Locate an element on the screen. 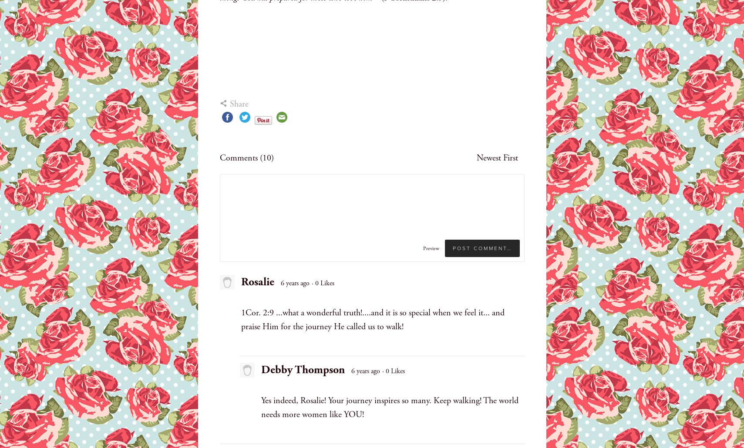 This screenshot has height=448, width=744. 'Preview' is located at coordinates (431, 248).